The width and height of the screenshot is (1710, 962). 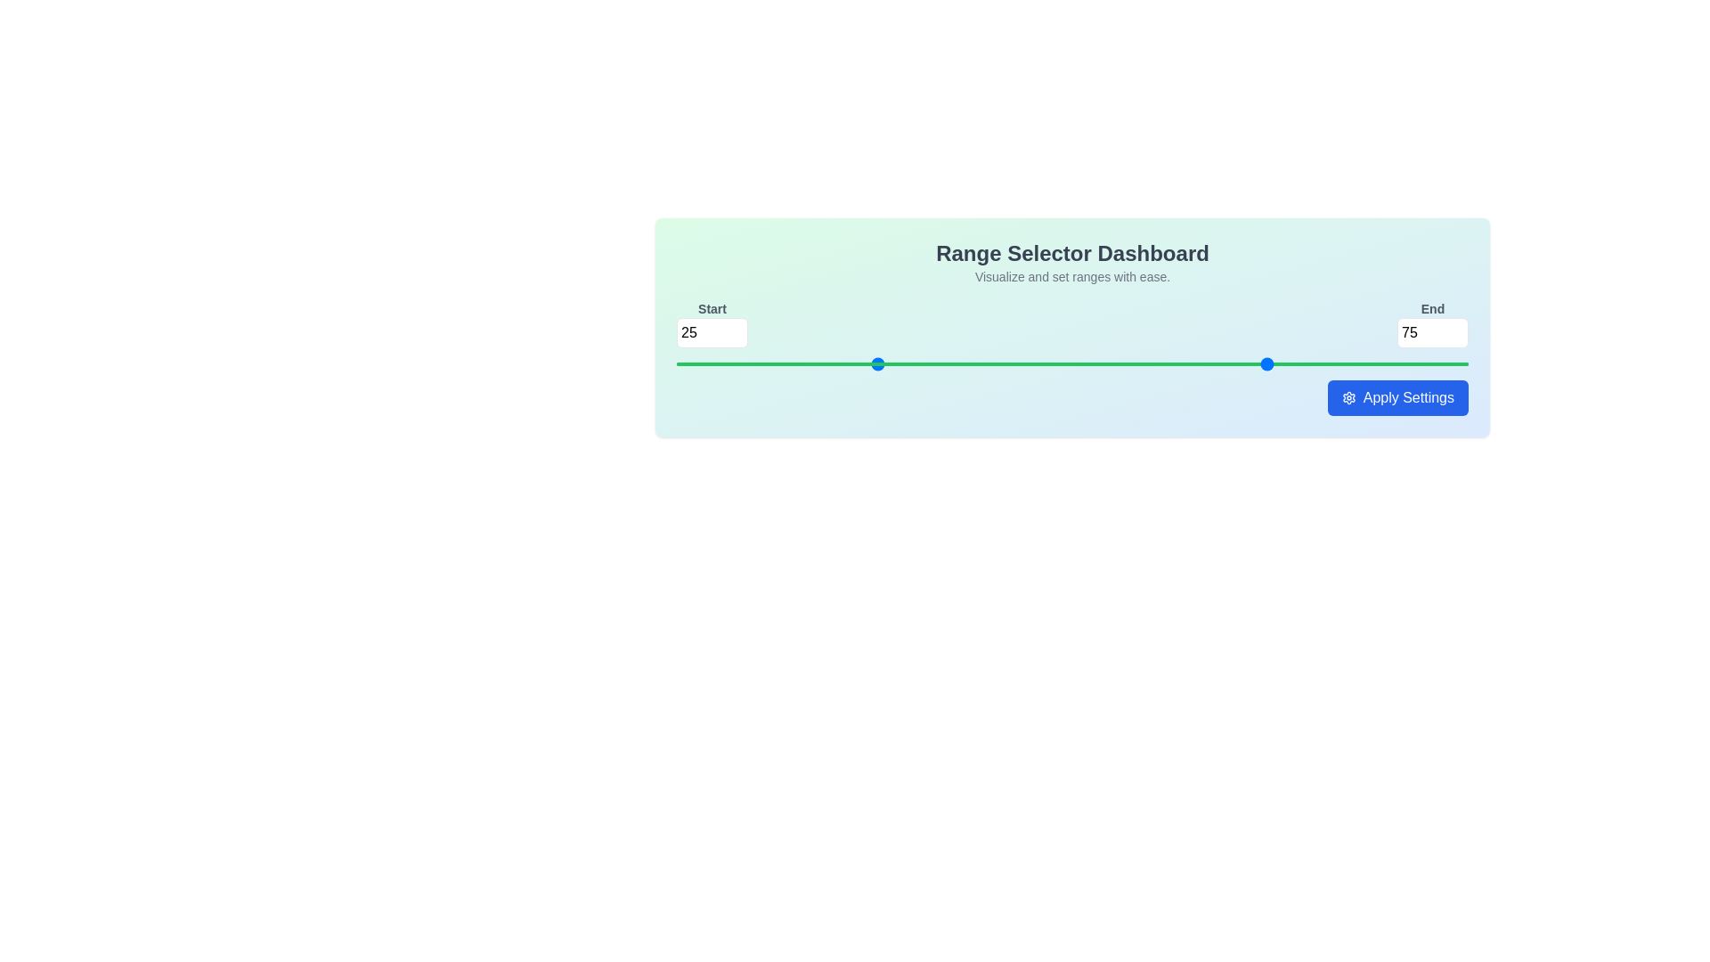 What do you see at coordinates (712, 323) in the screenshot?
I see `the numerical input box displaying '25' to focus on it for user input` at bounding box center [712, 323].